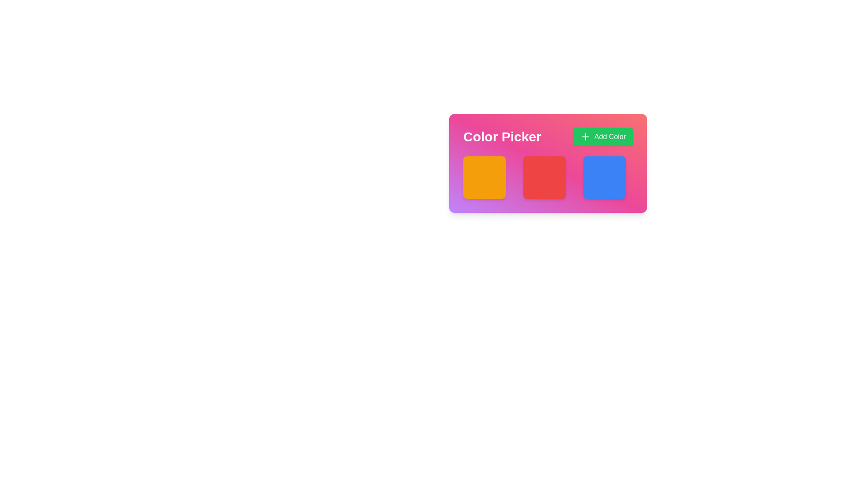 This screenshot has height=477, width=848. I want to click on the trash/delete icon button located in the top-right corner of the blue color tile within the 'Color Picker' section to potentially view a tooltip, so click(625, 164).